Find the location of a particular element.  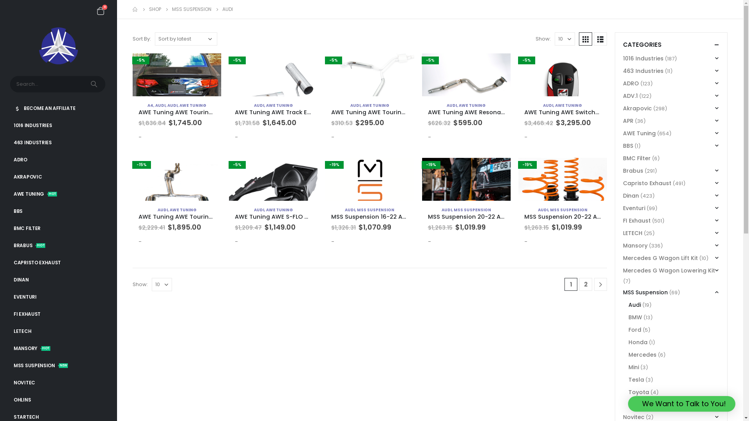

'1016 INDUSTRIES' is located at coordinates (58, 125).